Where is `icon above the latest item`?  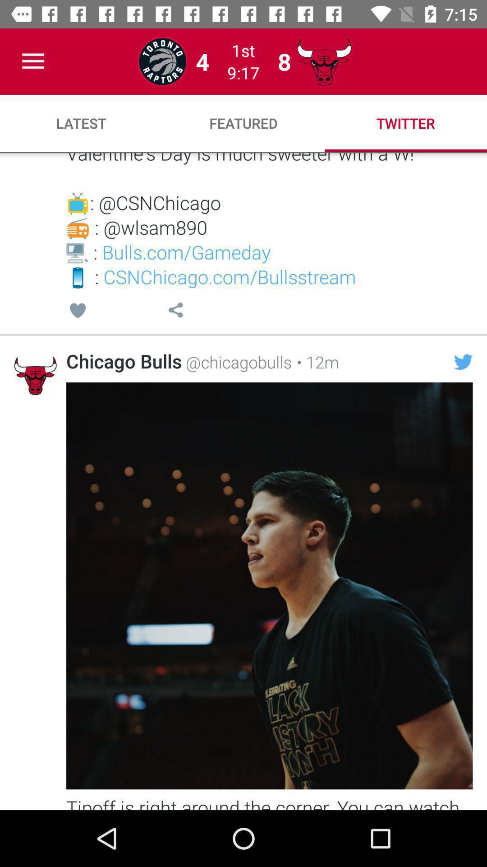 icon above the latest item is located at coordinates (32, 61).